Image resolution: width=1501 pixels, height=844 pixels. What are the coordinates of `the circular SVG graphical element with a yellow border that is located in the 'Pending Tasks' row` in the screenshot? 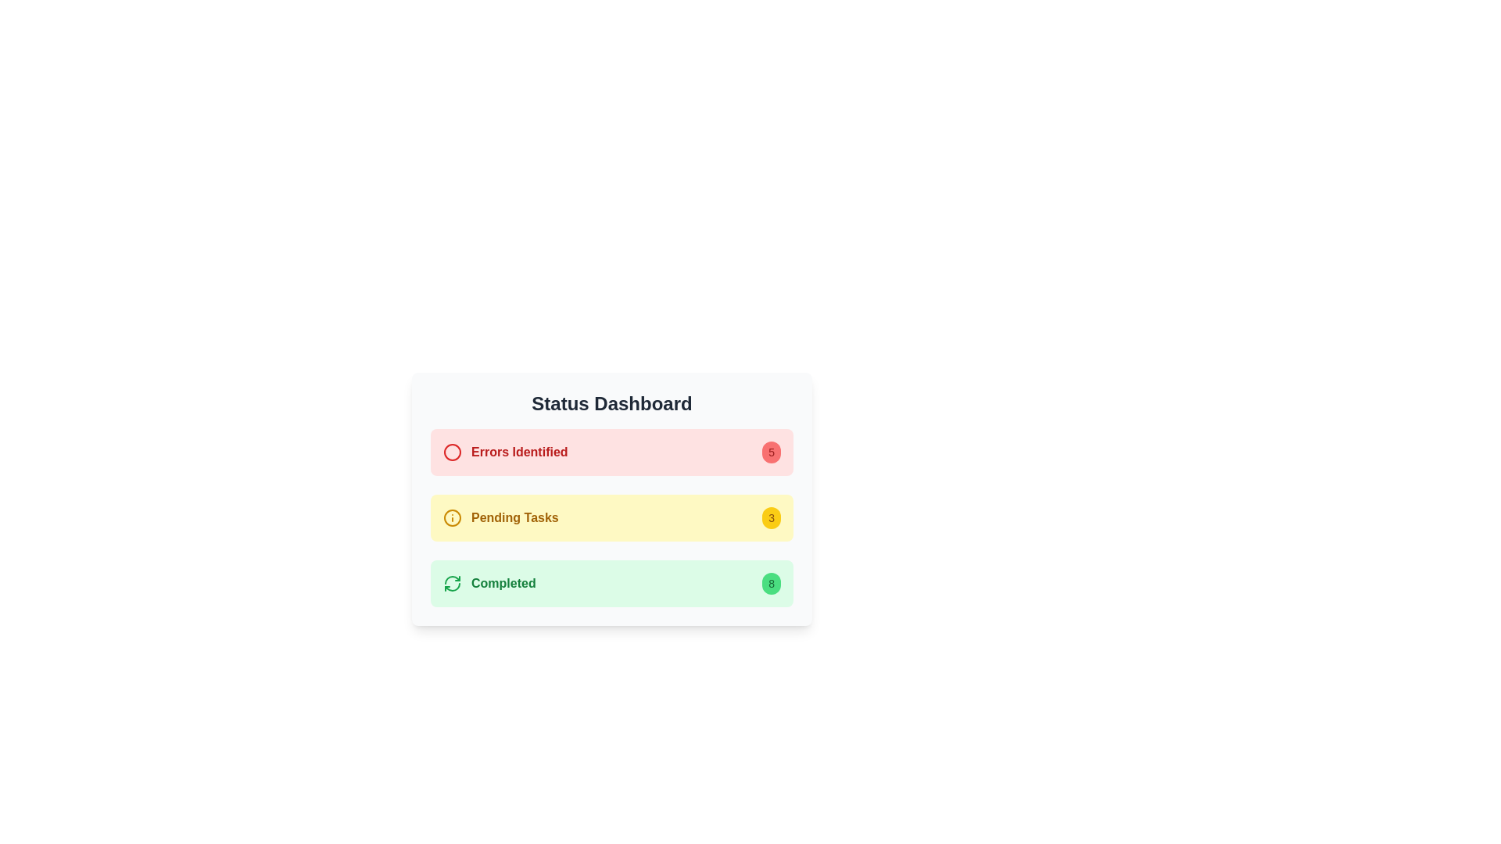 It's located at (452, 518).